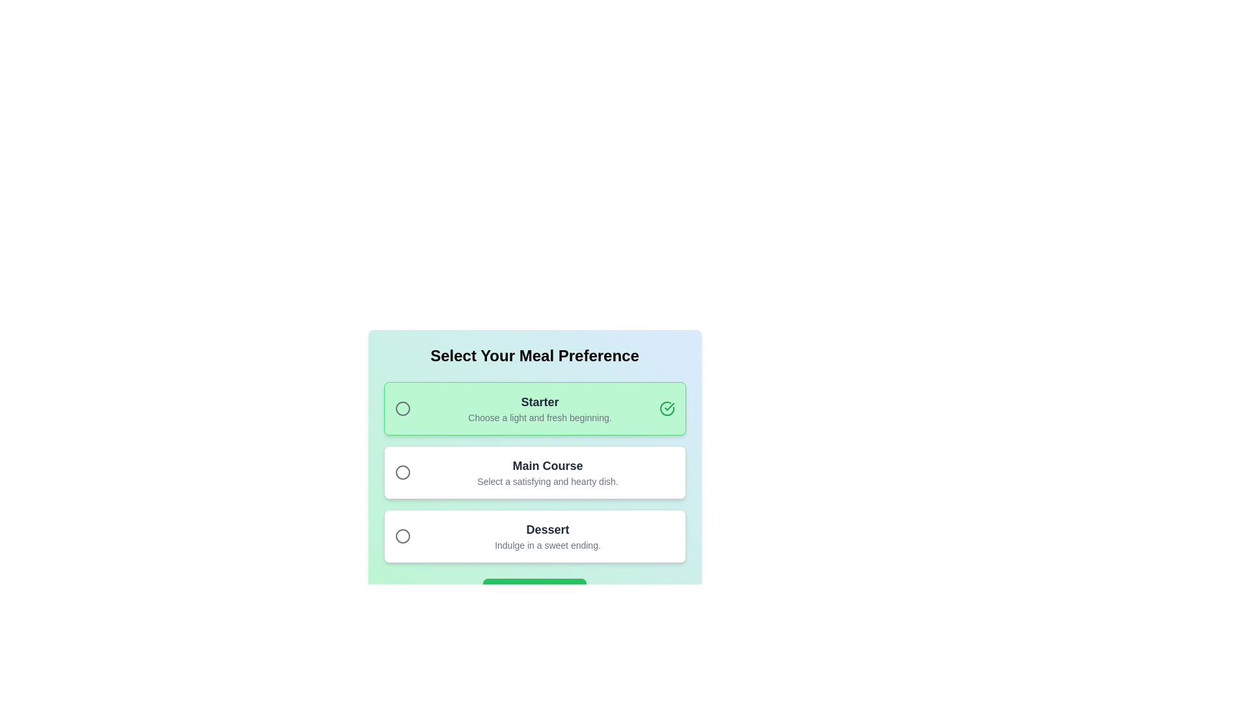  I want to click on the 'Confirm Selection' button, which has a white font on a green background and is located at the bottom of the 'Select Your Meal Preference' panel, so click(535, 592).